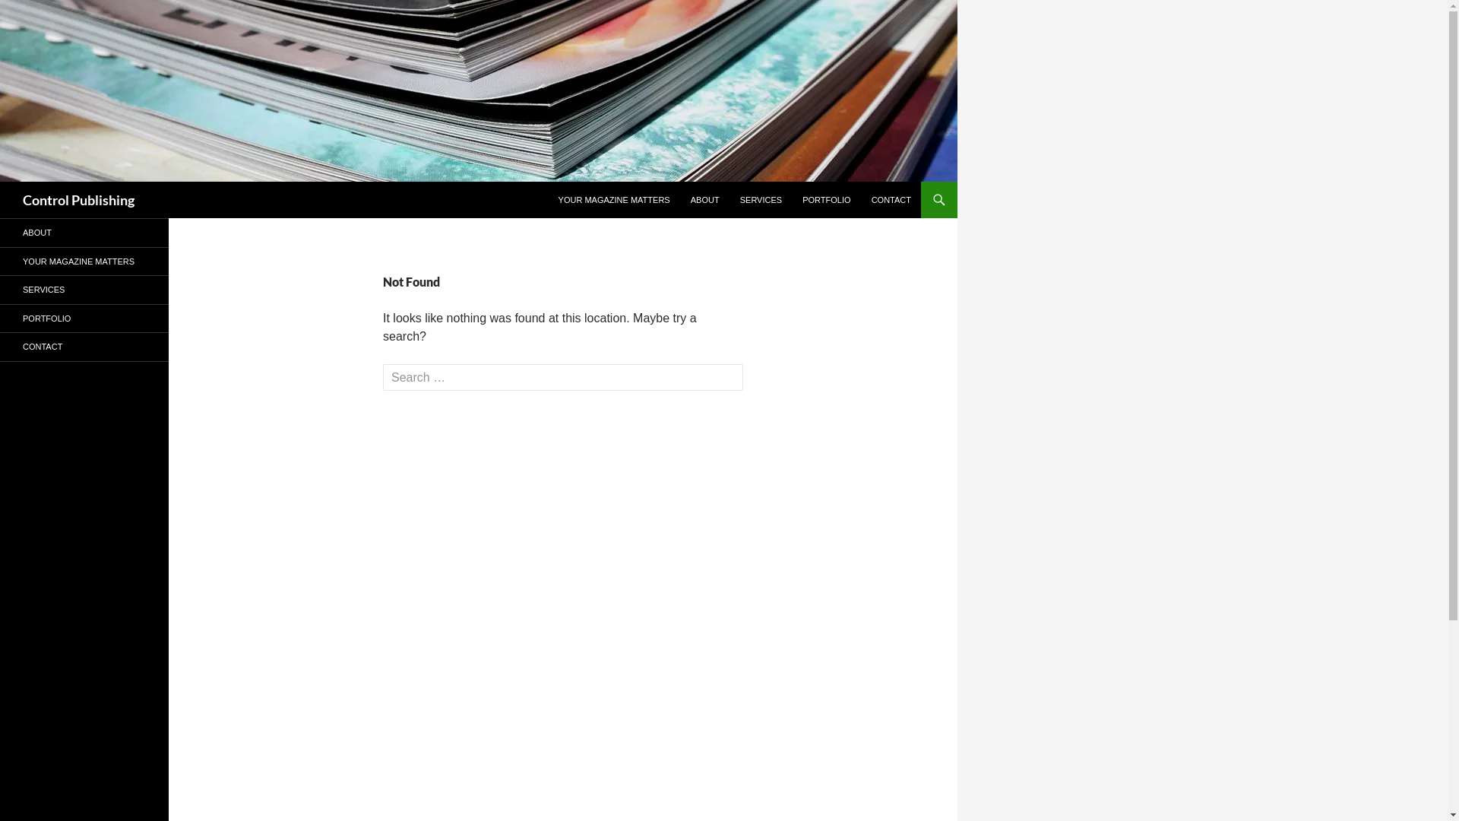  I want to click on 'PORTFOLIO', so click(825, 198).